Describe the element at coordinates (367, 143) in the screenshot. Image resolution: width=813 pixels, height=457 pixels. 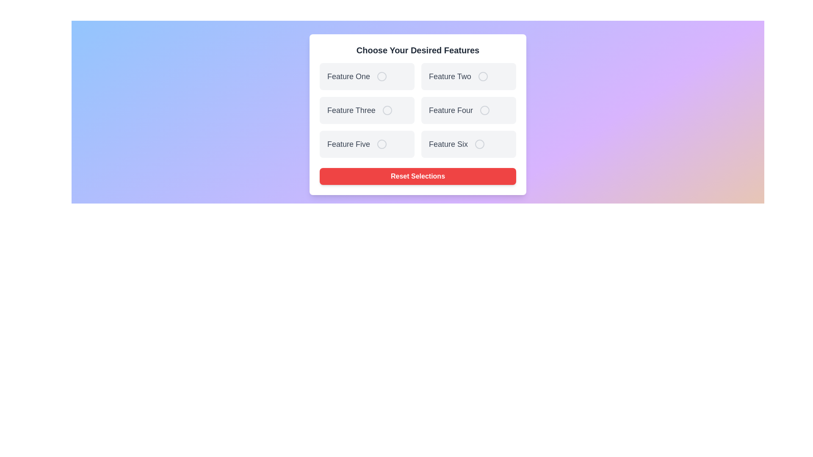
I see `the feature card labeled Feature Five to observe visual feedback` at that location.